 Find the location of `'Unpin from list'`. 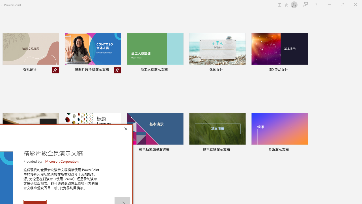

'Unpin from list' is located at coordinates (117, 70).